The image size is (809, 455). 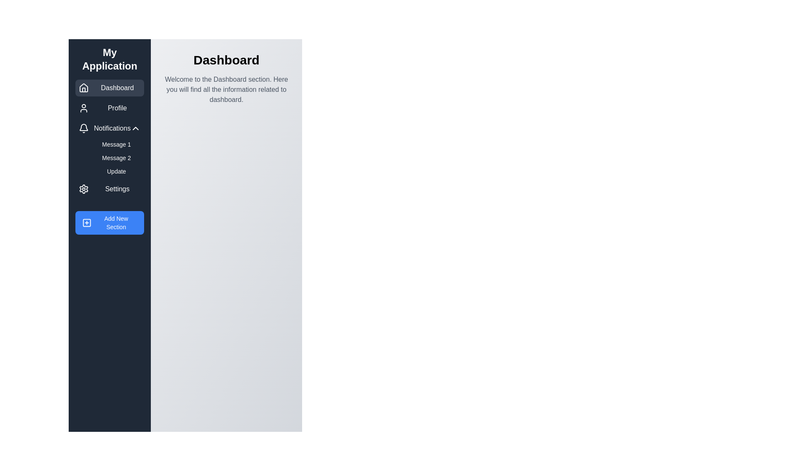 I want to click on the settings icon, which resembles a gear with a thin outline, located in the left navigation menu adjacent to the 'Settings' text, so click(x=83, y=188).